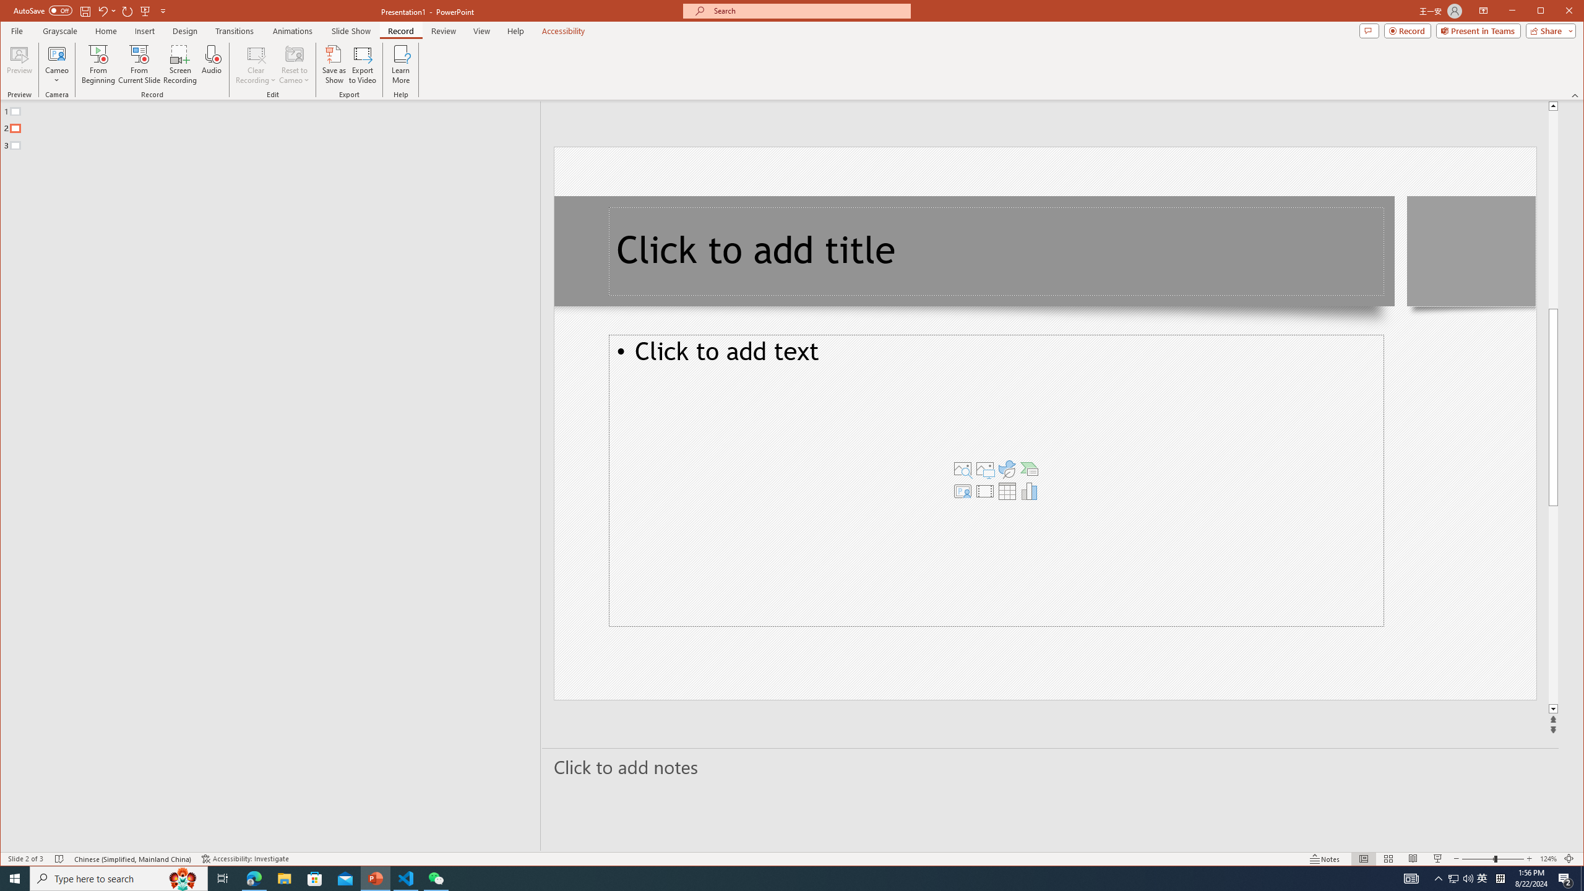 This screenshot has height=891, width=1584. What do you see at coordinates (255, 64) in the screenshot?
I see `'Clear Recording'` at bounding box center [255, 64].